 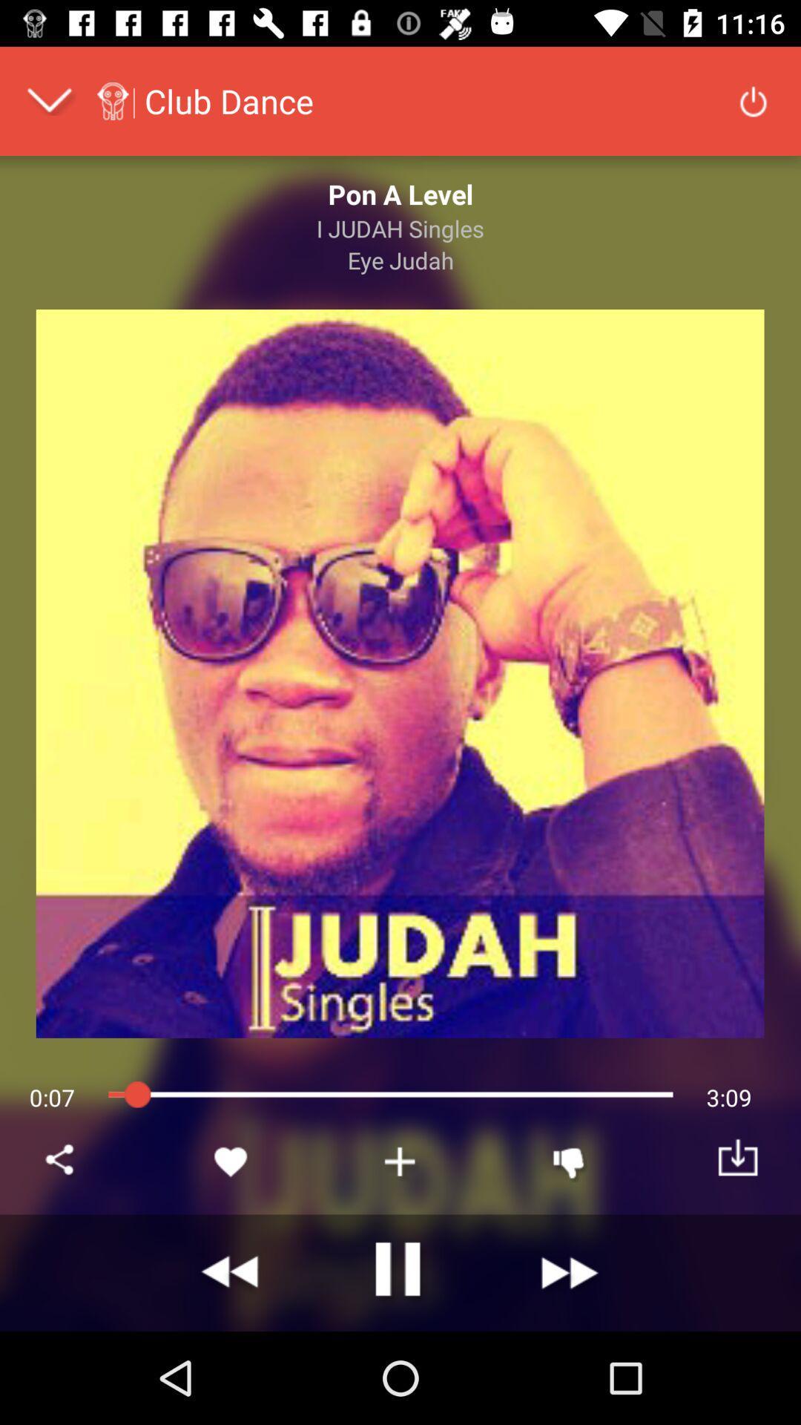 I want to click on icon to the left of the 3:09, so click(x=568, y=1161).